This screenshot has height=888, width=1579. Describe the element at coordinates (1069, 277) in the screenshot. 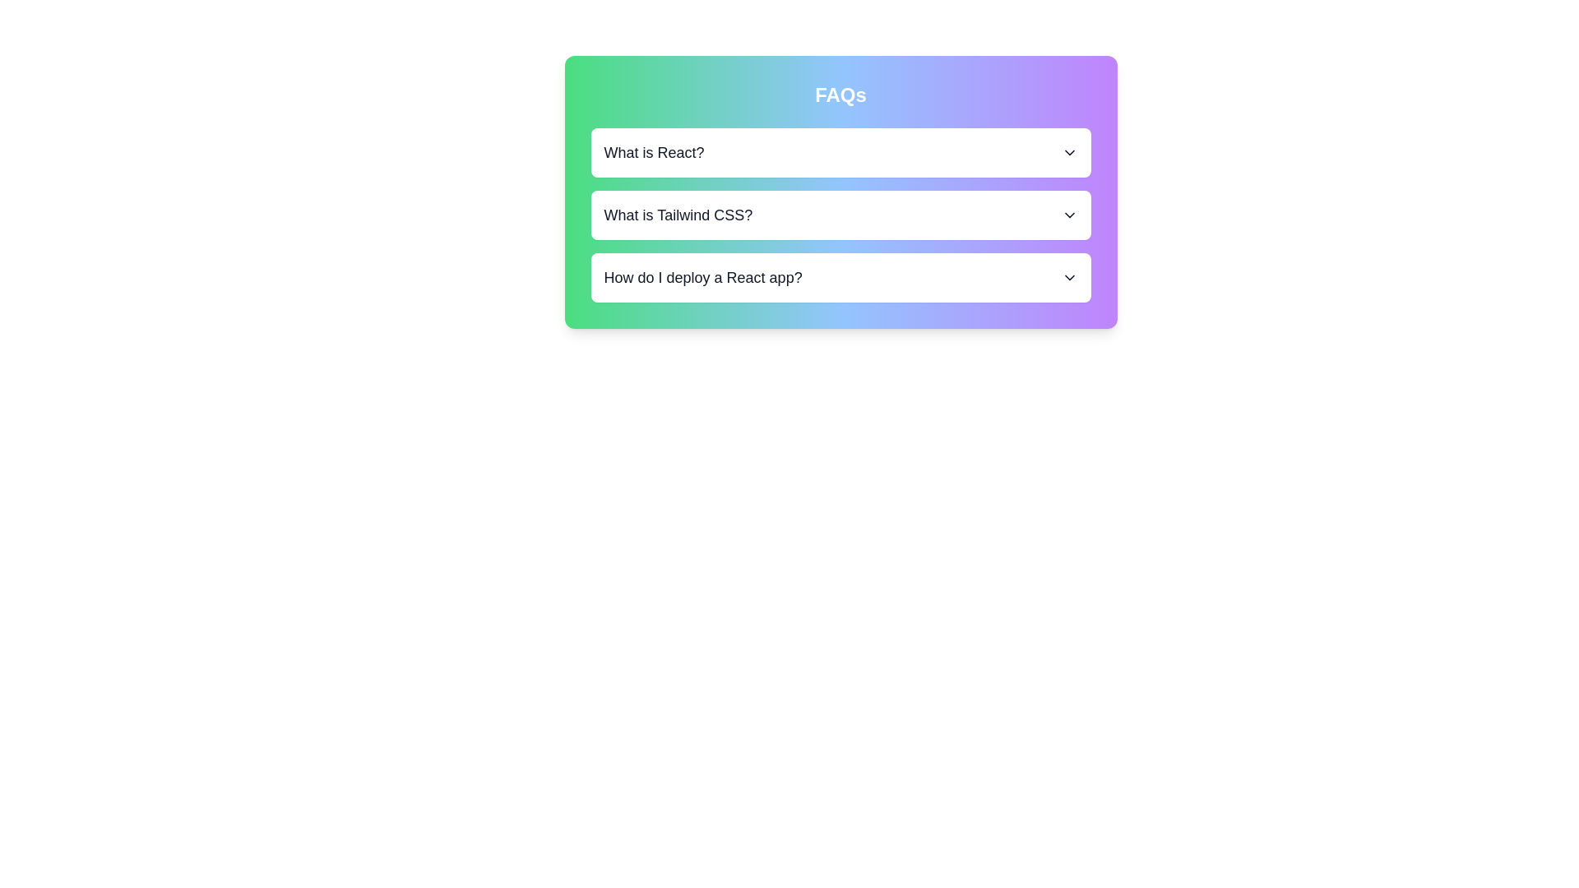

I see `the small, downward-pointing black chevron icon located at the end of the FAQ card row, to the right of the text 'How do I deploy a React app?'` at that location.